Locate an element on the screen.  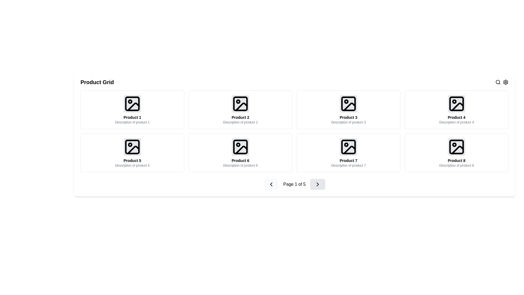
the product is located at coordinates (348, 117).